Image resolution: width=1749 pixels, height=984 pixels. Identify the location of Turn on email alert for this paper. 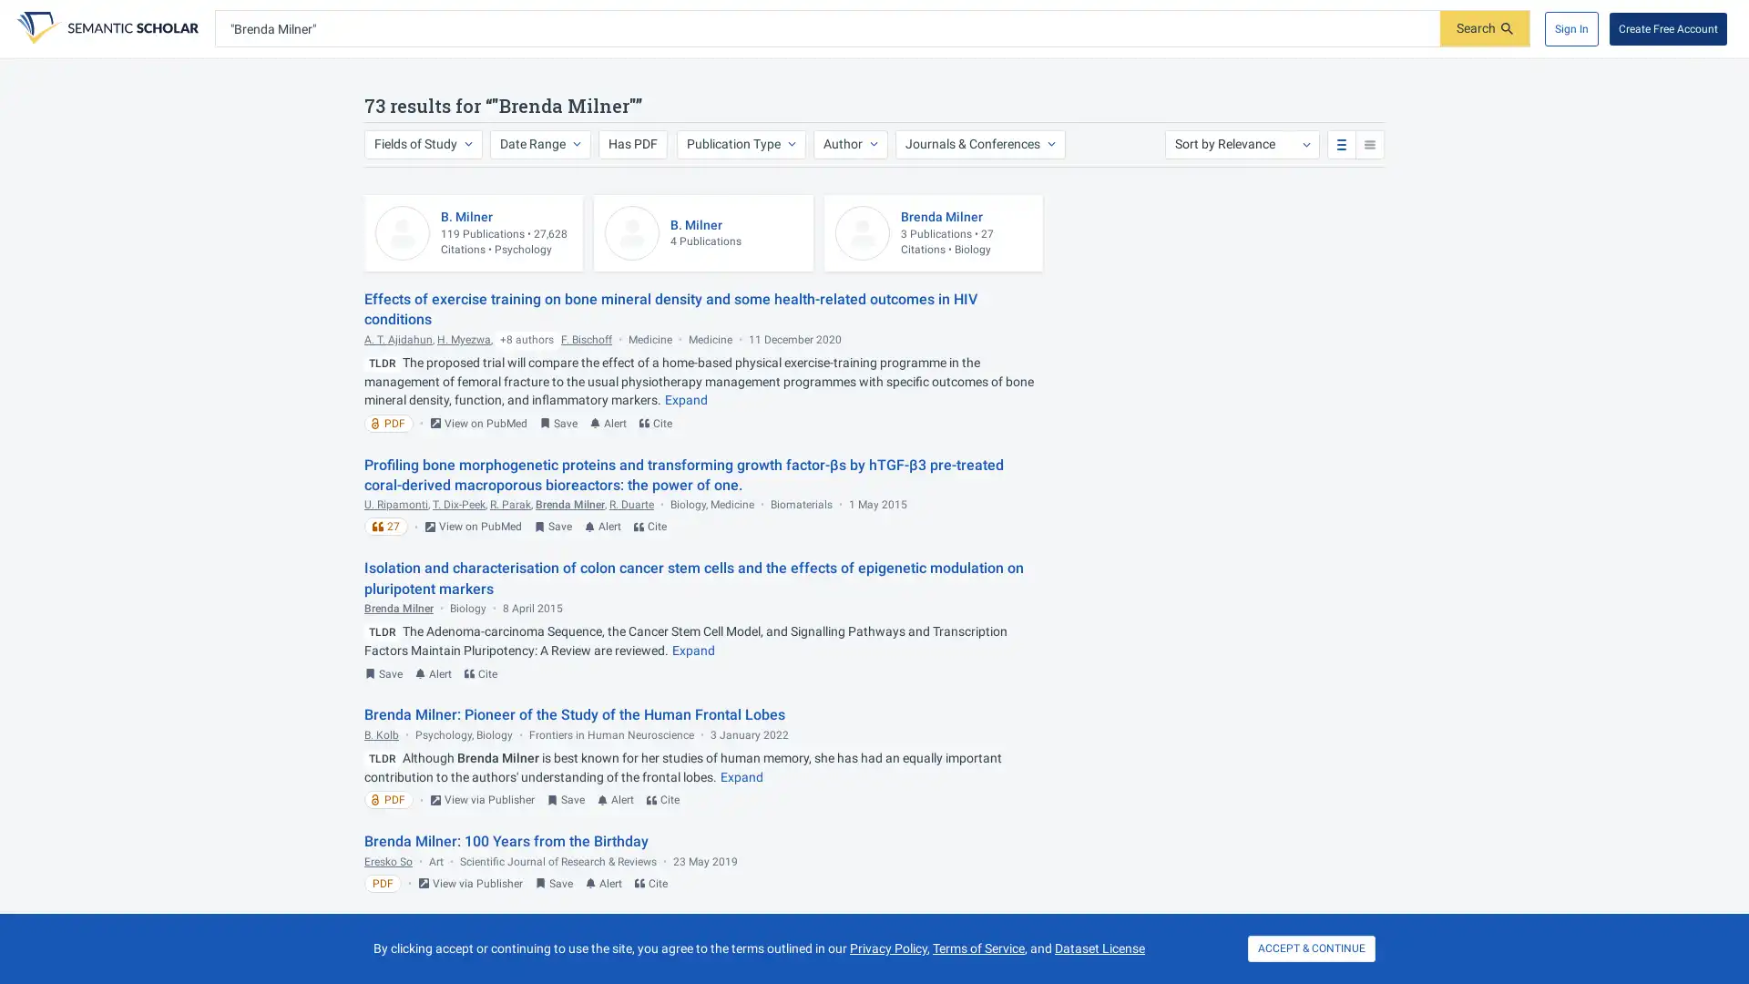
(603, 882).